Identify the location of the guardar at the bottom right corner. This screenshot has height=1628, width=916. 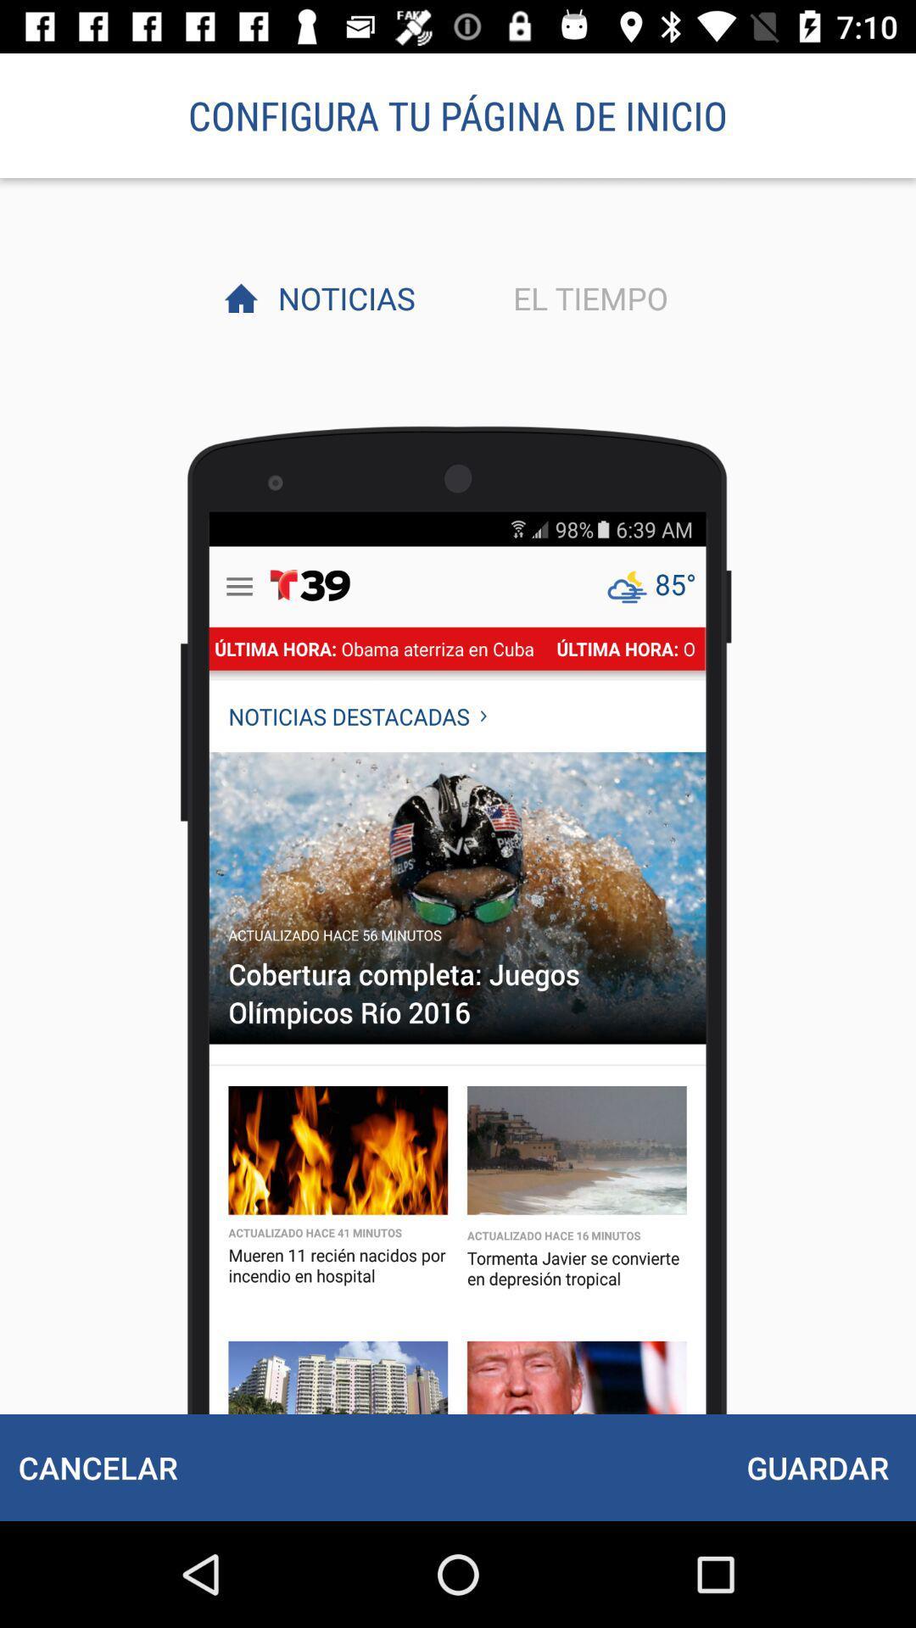
(817, 1467).